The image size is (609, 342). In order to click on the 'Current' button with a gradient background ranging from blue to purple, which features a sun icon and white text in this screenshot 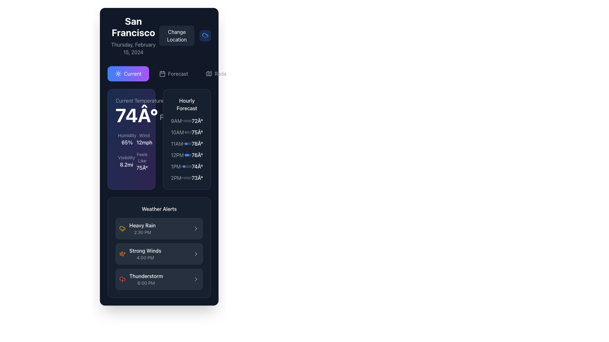, I will do `click(128, 73)`.